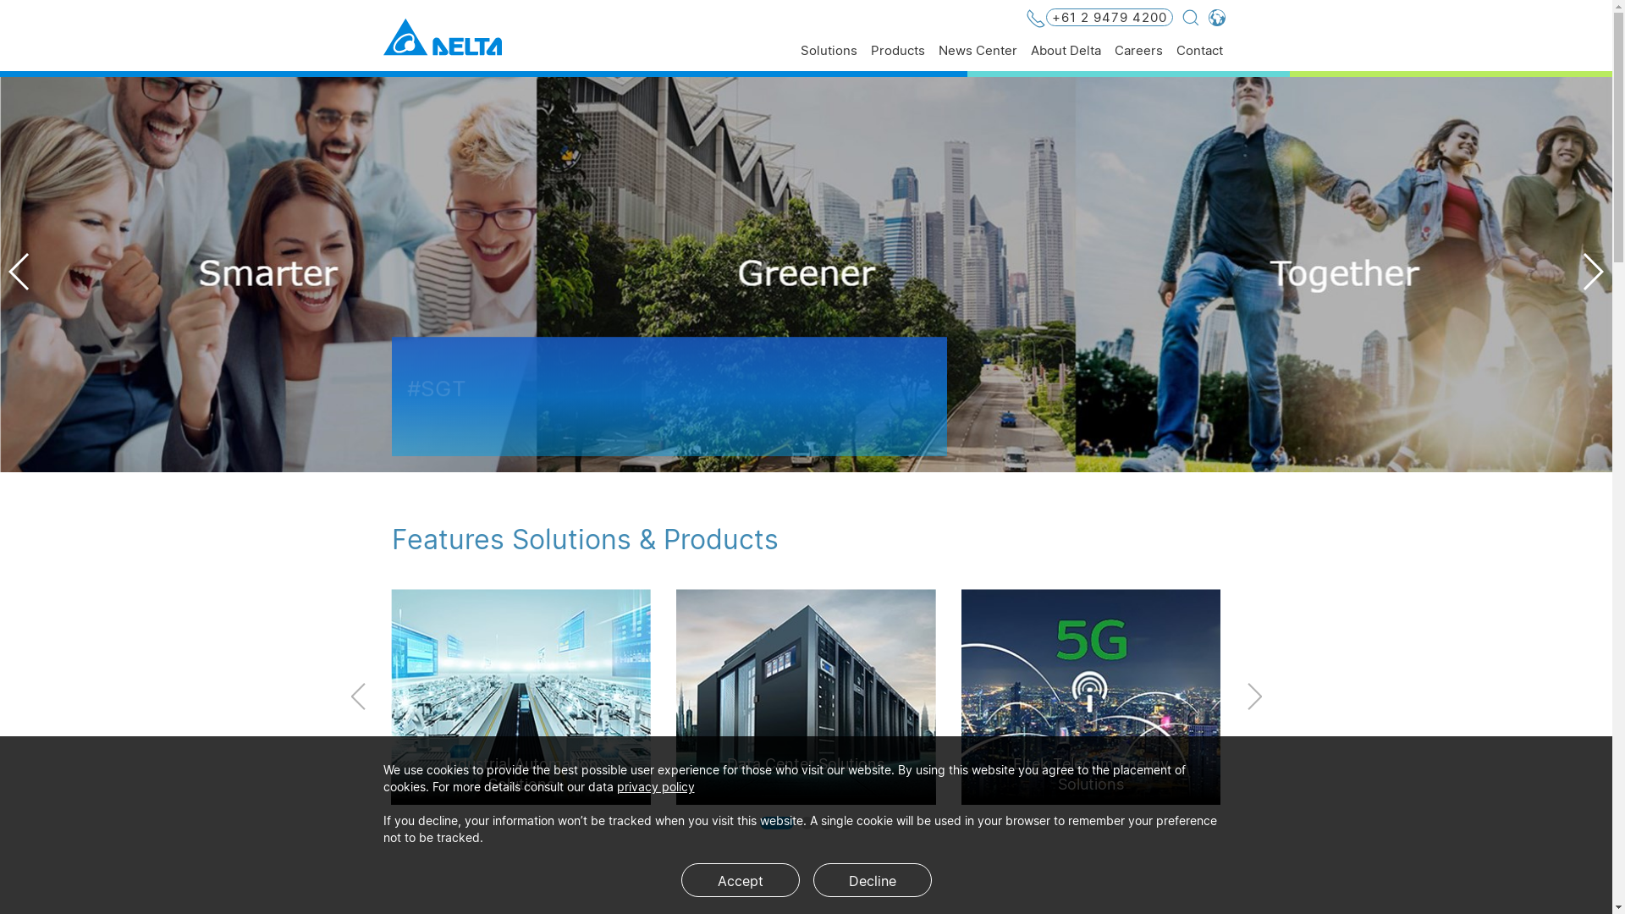 Image resolution: width=1625 pixels, height=914 pixels. Describe the element at coordinates (1107, 57) in the screenshot. I see `'Careers'` at that location.